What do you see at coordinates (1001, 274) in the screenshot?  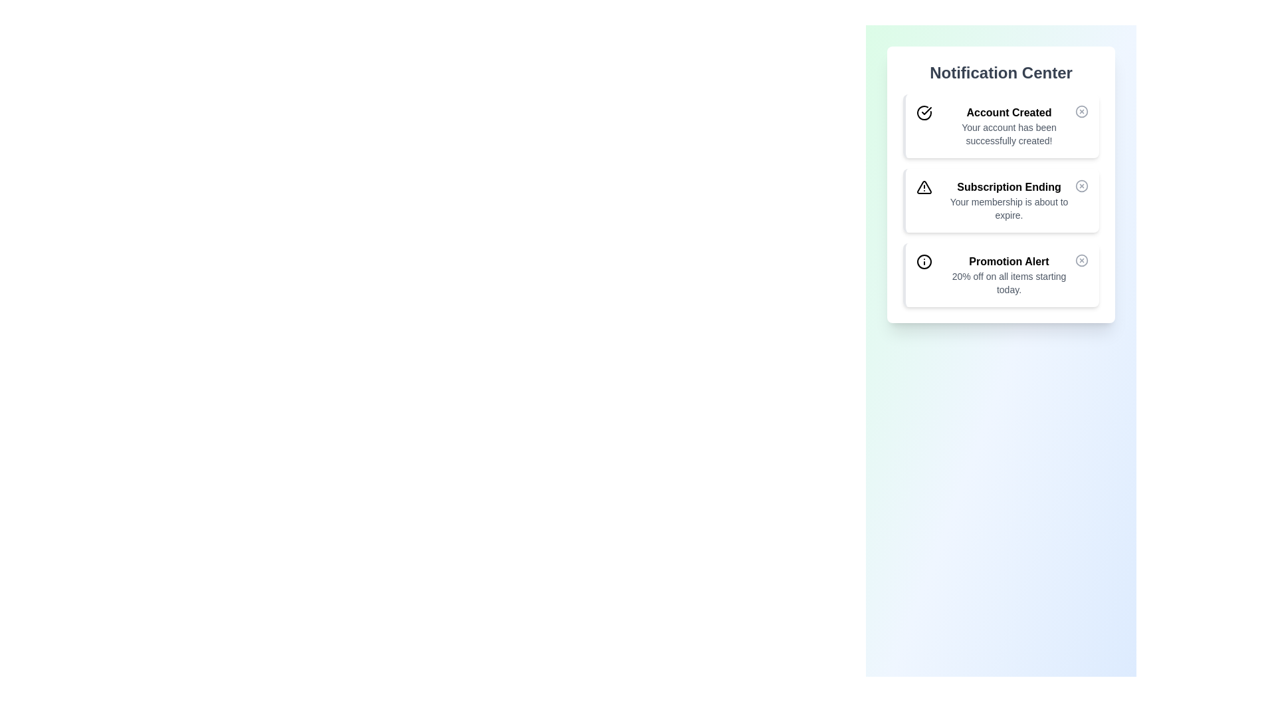 I see `the third notification card in the Notification Center that has a light blue background, a 'Promotion Alert' title, and a close button on the right` at bounding box center [1001, 274].